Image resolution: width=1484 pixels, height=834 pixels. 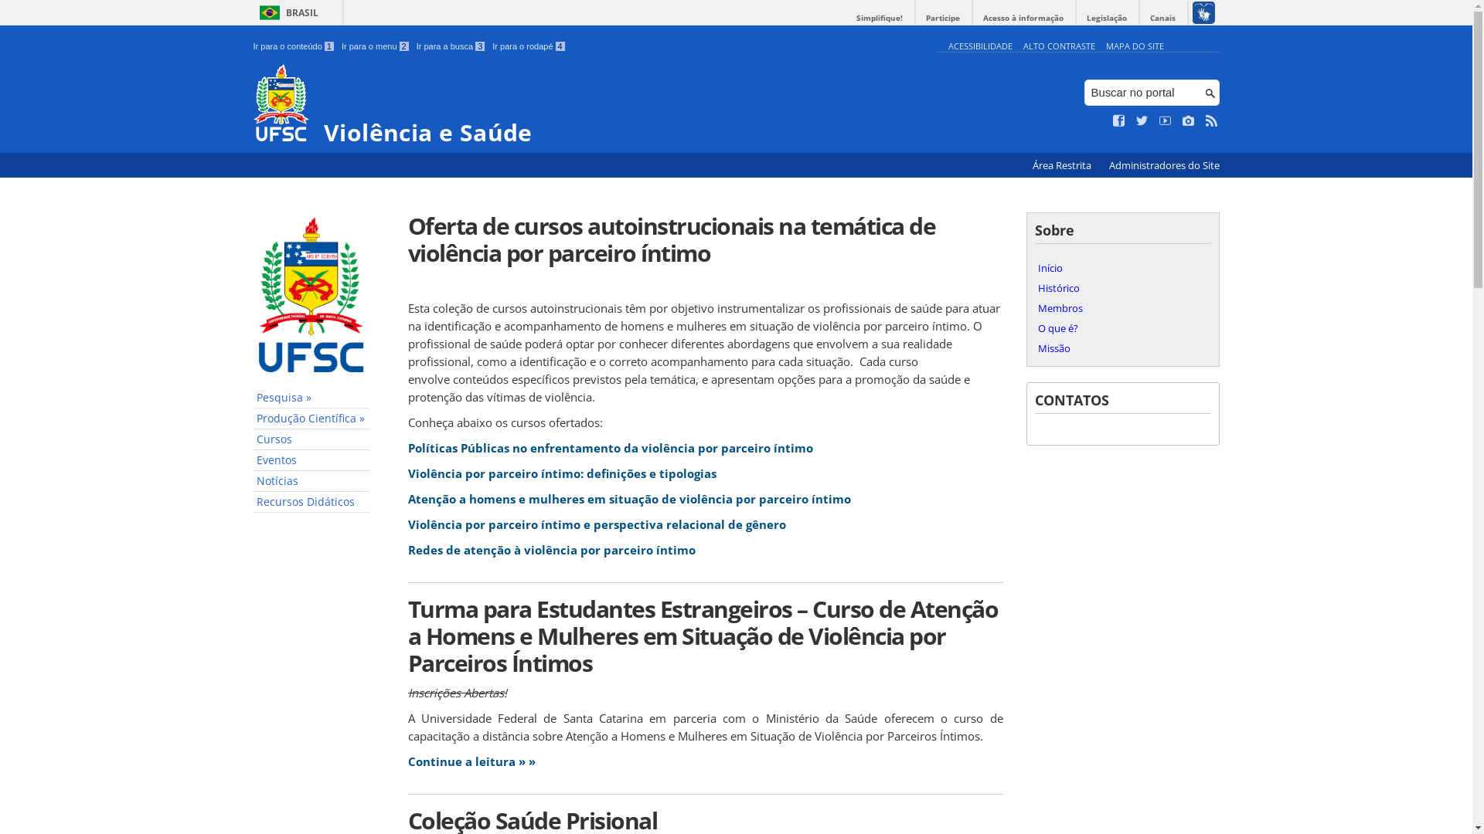 I want to click on 'Participe', so click(x=941, y=18).